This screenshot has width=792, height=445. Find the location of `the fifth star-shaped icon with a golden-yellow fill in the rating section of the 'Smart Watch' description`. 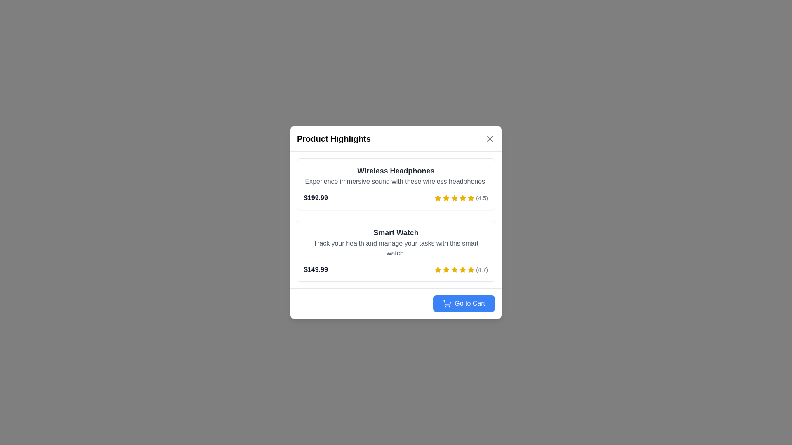

the fifth star-shaped icon with a golden-yellow fill in the rating section of the 'Smart Watch' description is located at coordinates (438, 269).